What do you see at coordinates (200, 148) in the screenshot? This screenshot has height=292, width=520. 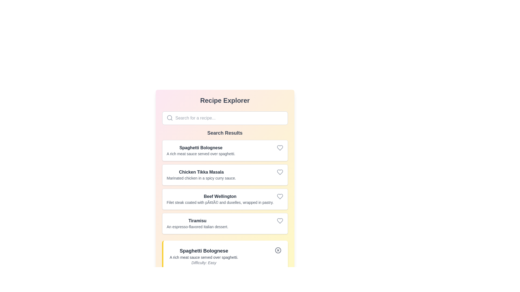 I see `text displayed as 'Spaghetti Bolognese' which is the title in bold font style, located in the first item of the search results list` at bounding box center [200, 148].